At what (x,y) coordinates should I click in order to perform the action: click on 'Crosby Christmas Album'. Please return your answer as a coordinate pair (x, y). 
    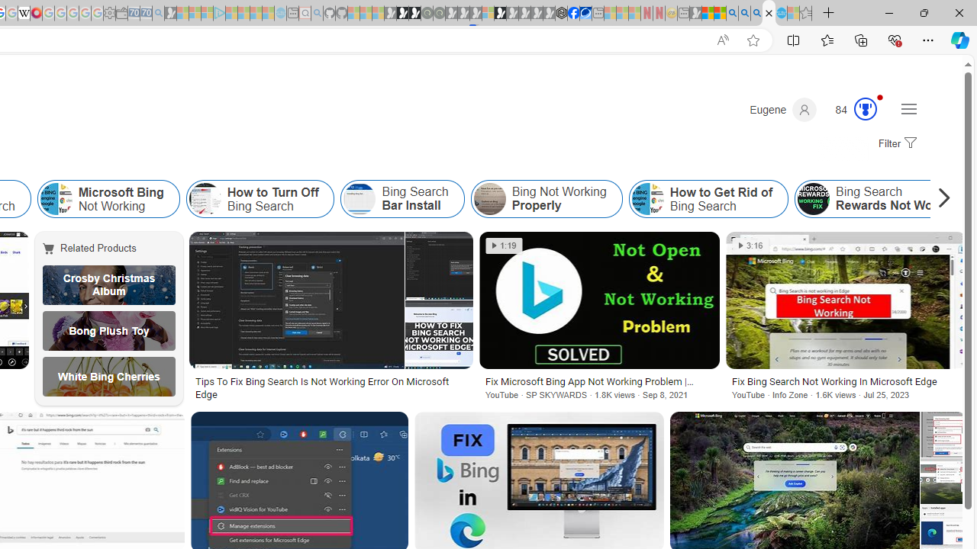
    Looking at the image, I should click on (108, 285).